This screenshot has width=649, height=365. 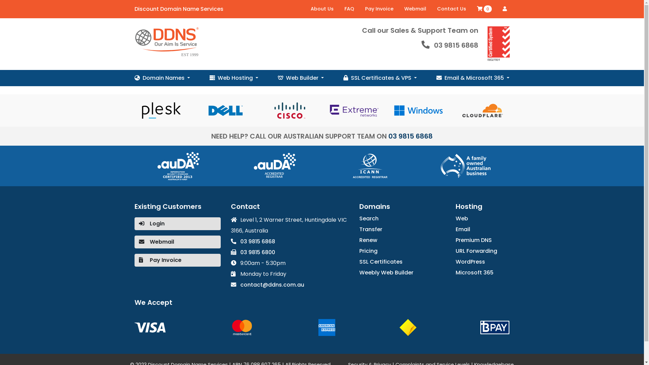 I want to click on 'Search', so click(x=402, y=219).